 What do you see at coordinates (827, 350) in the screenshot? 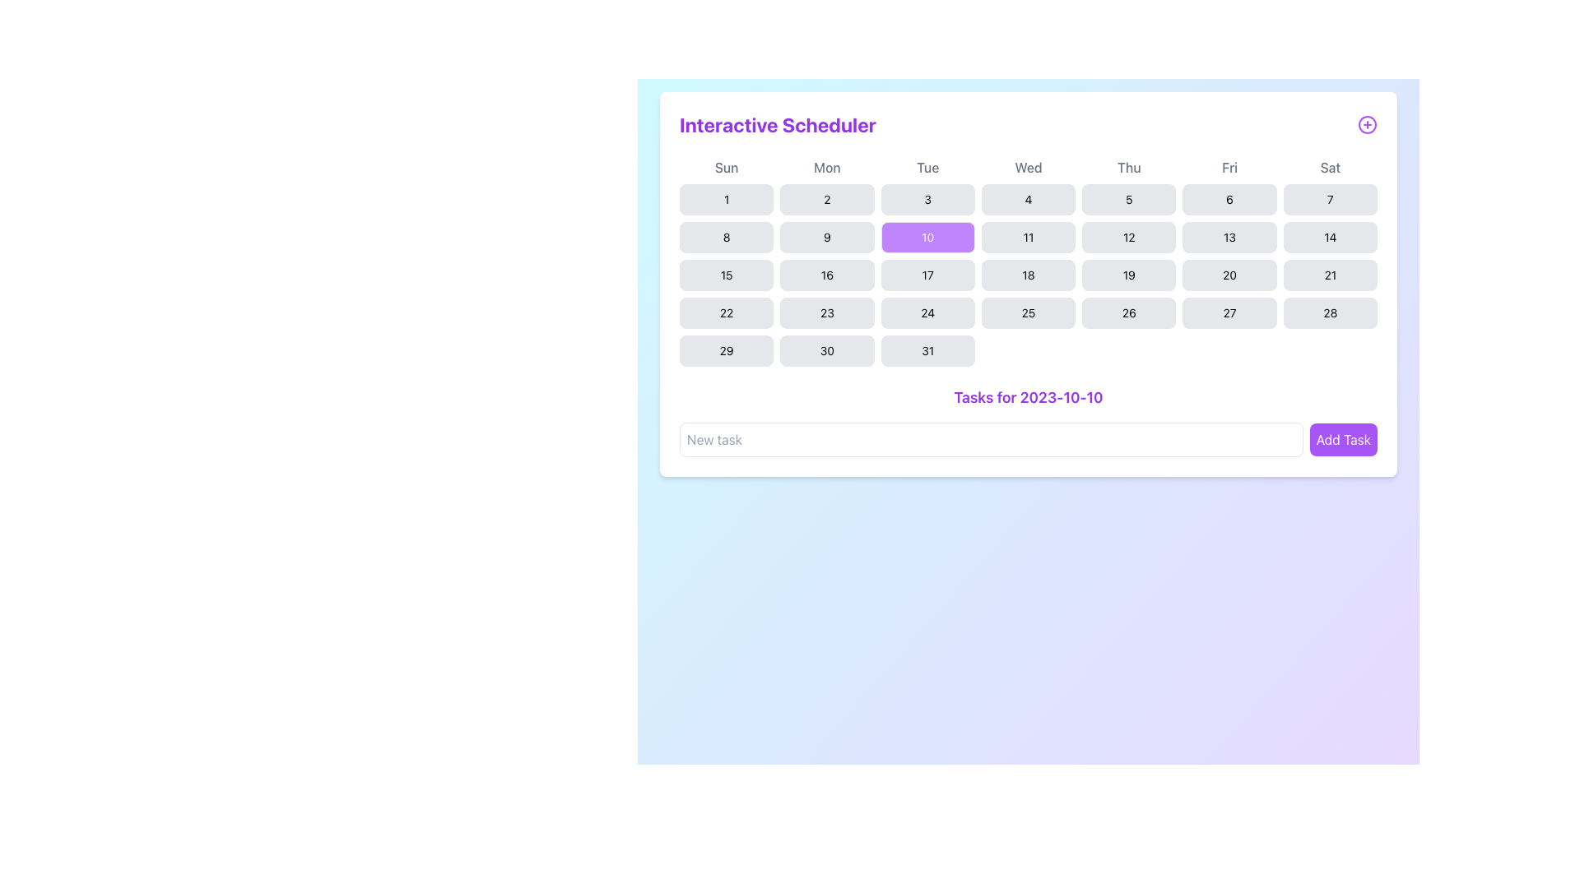
I see `the calendar button representing the date '30'` at bounding box center [827, 350].